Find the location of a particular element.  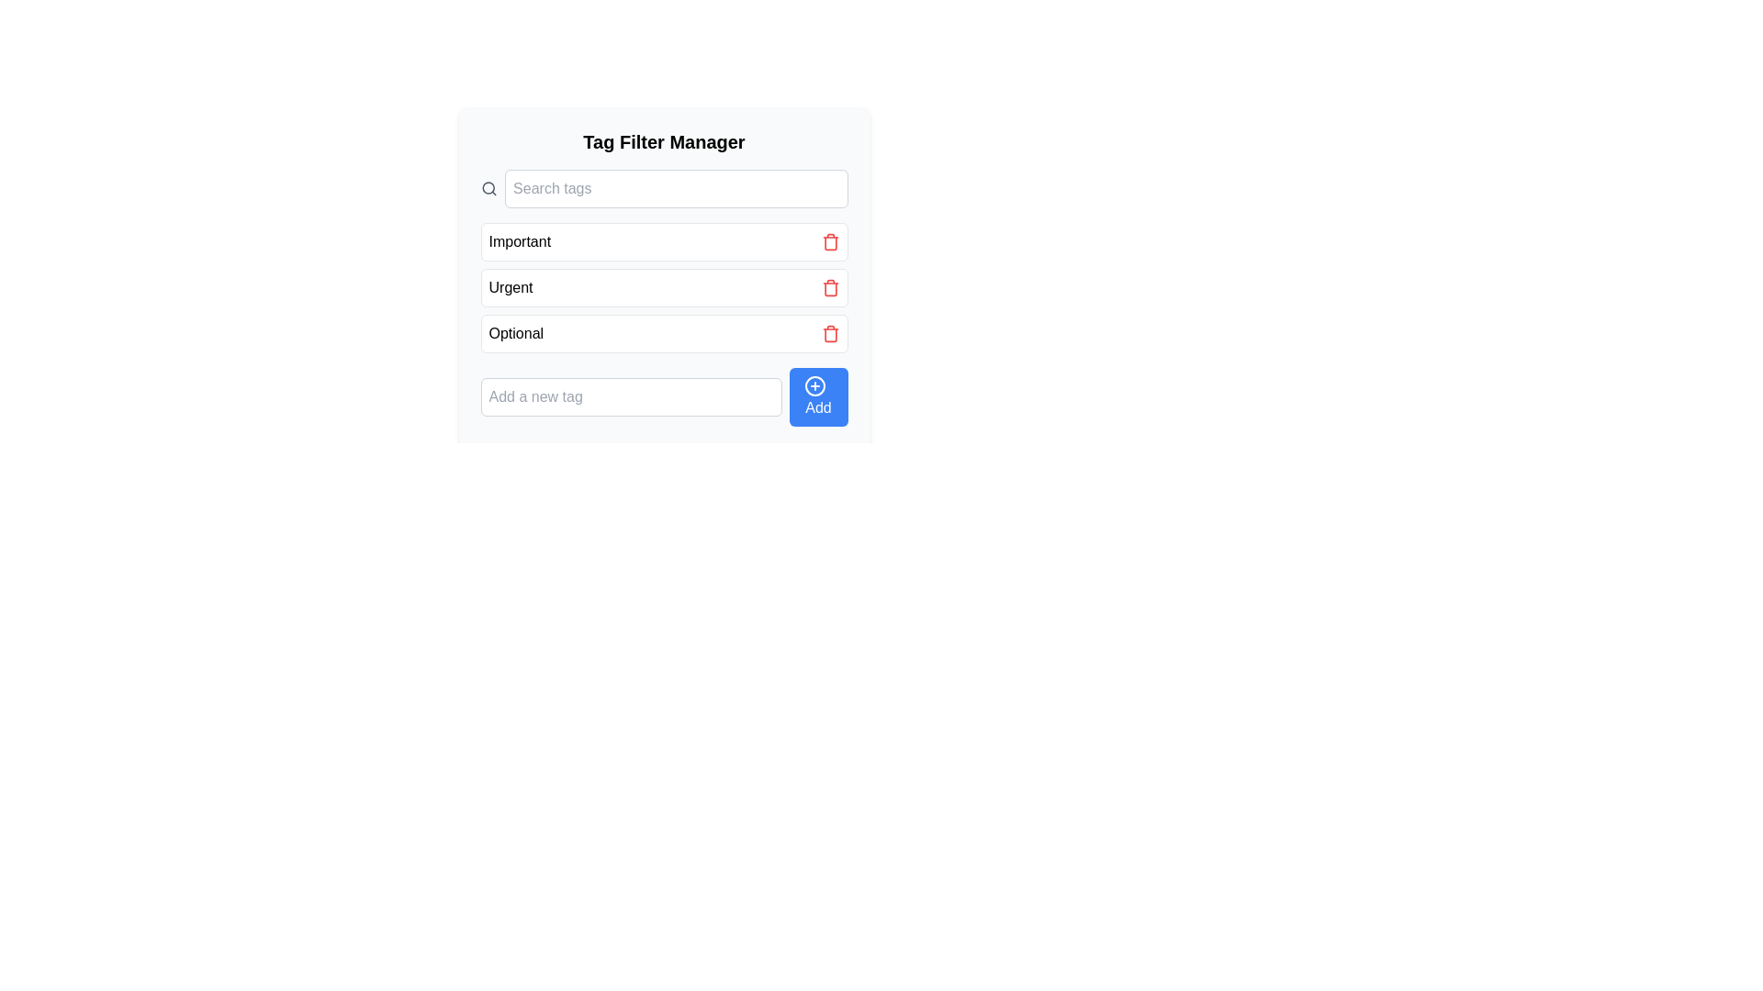

the rectangular button with rounded corners that has a vibrant blue background and white text reading 'Add', which is located at the far-right side of a horizontal layout is located at coordinates (817, 395).